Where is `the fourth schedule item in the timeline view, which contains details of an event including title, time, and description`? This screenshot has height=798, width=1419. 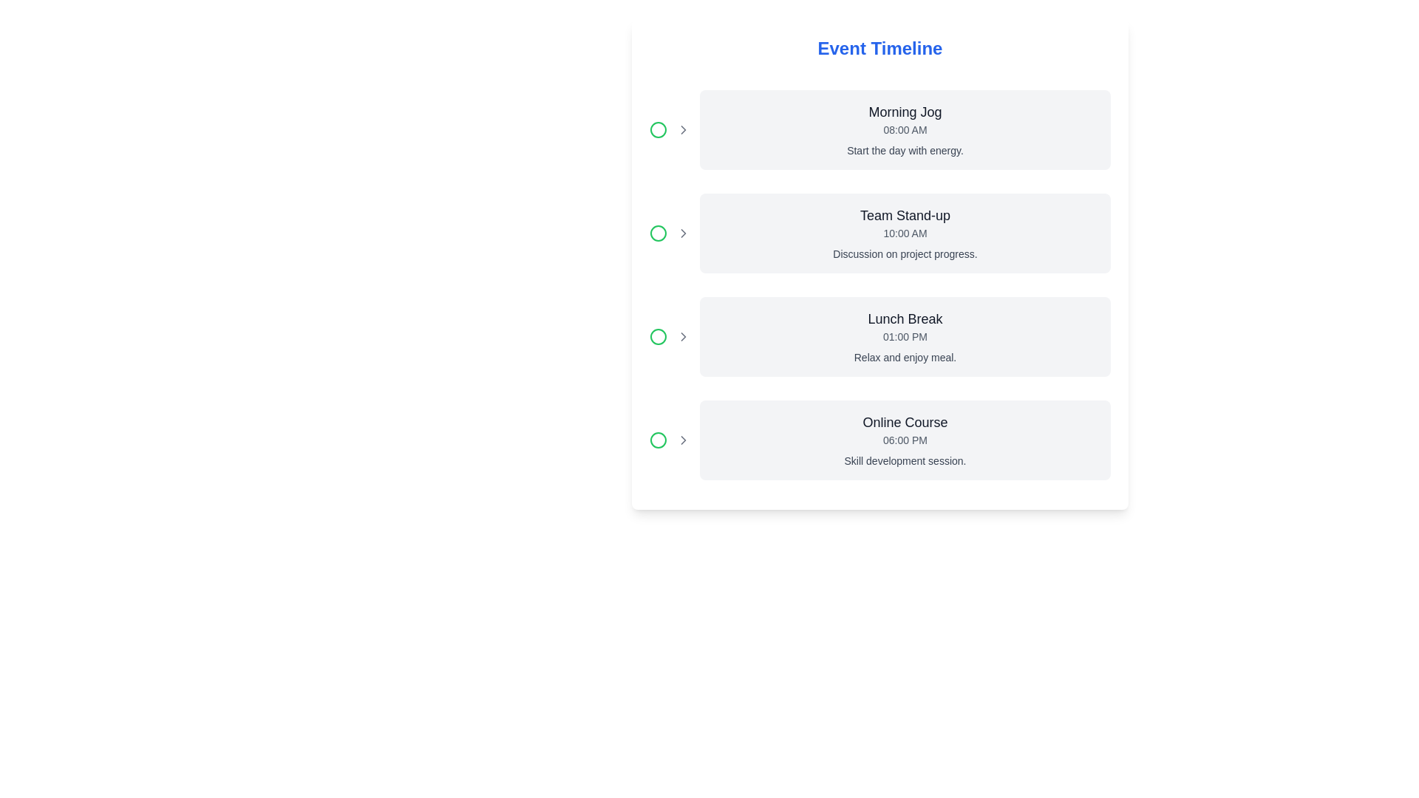 the fourth schedule item in the timeline view, which contains details of an event including title, time, and description is located at coordinates (904, 440).